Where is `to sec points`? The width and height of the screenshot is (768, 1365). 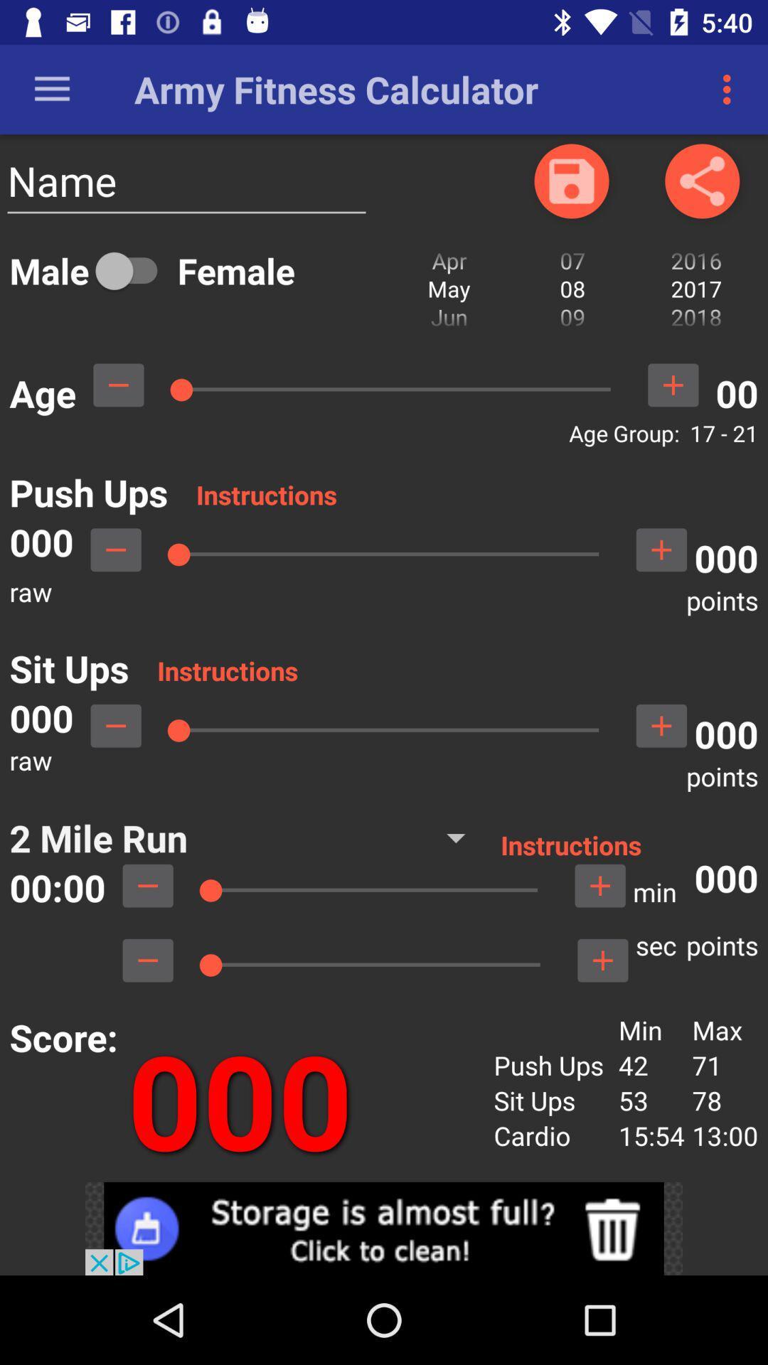 to sec points is located at coordinates (602, 960).